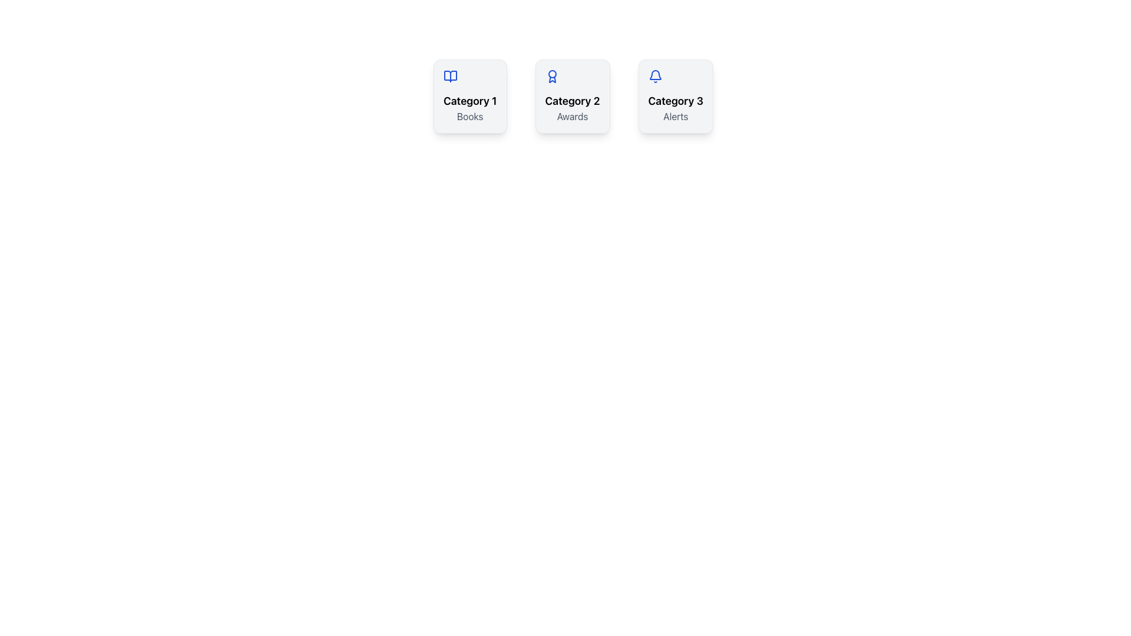  What do you see at coordinates (449, 77) in the screenshot?
I see `the SVG open book icon element, which is the first item in the row of category icons, positioned above the 'Category 1 Books' label` at bounding box center [449, 77].